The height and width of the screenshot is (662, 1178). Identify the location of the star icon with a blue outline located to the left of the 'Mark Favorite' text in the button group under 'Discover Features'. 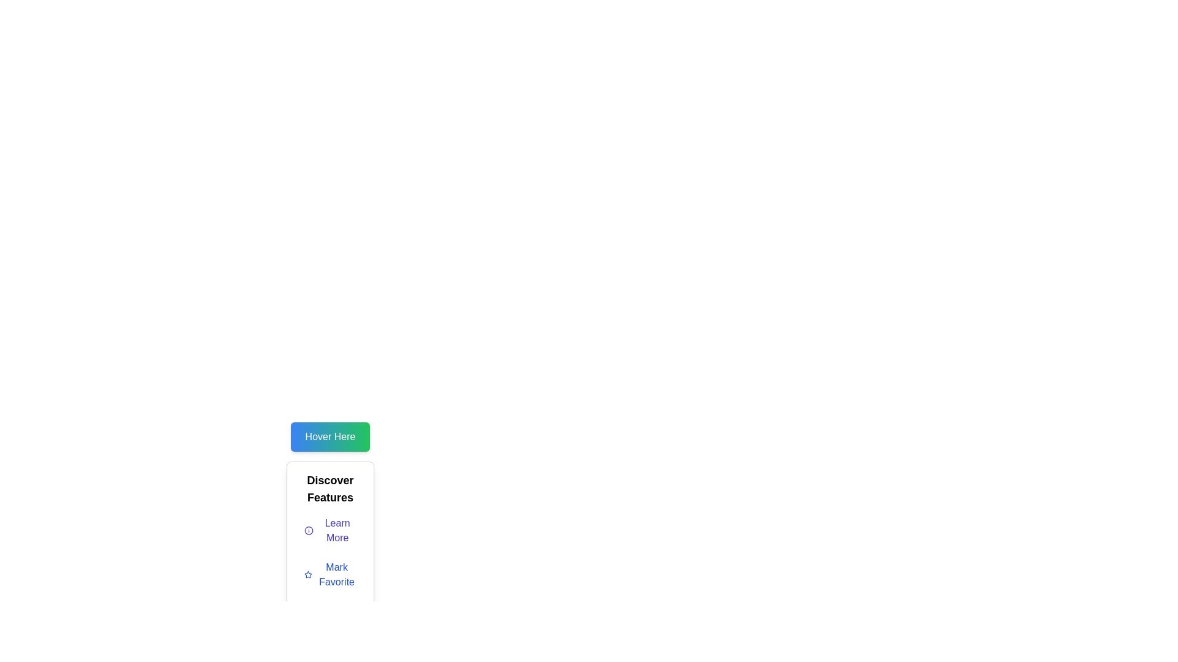
(308, 574).